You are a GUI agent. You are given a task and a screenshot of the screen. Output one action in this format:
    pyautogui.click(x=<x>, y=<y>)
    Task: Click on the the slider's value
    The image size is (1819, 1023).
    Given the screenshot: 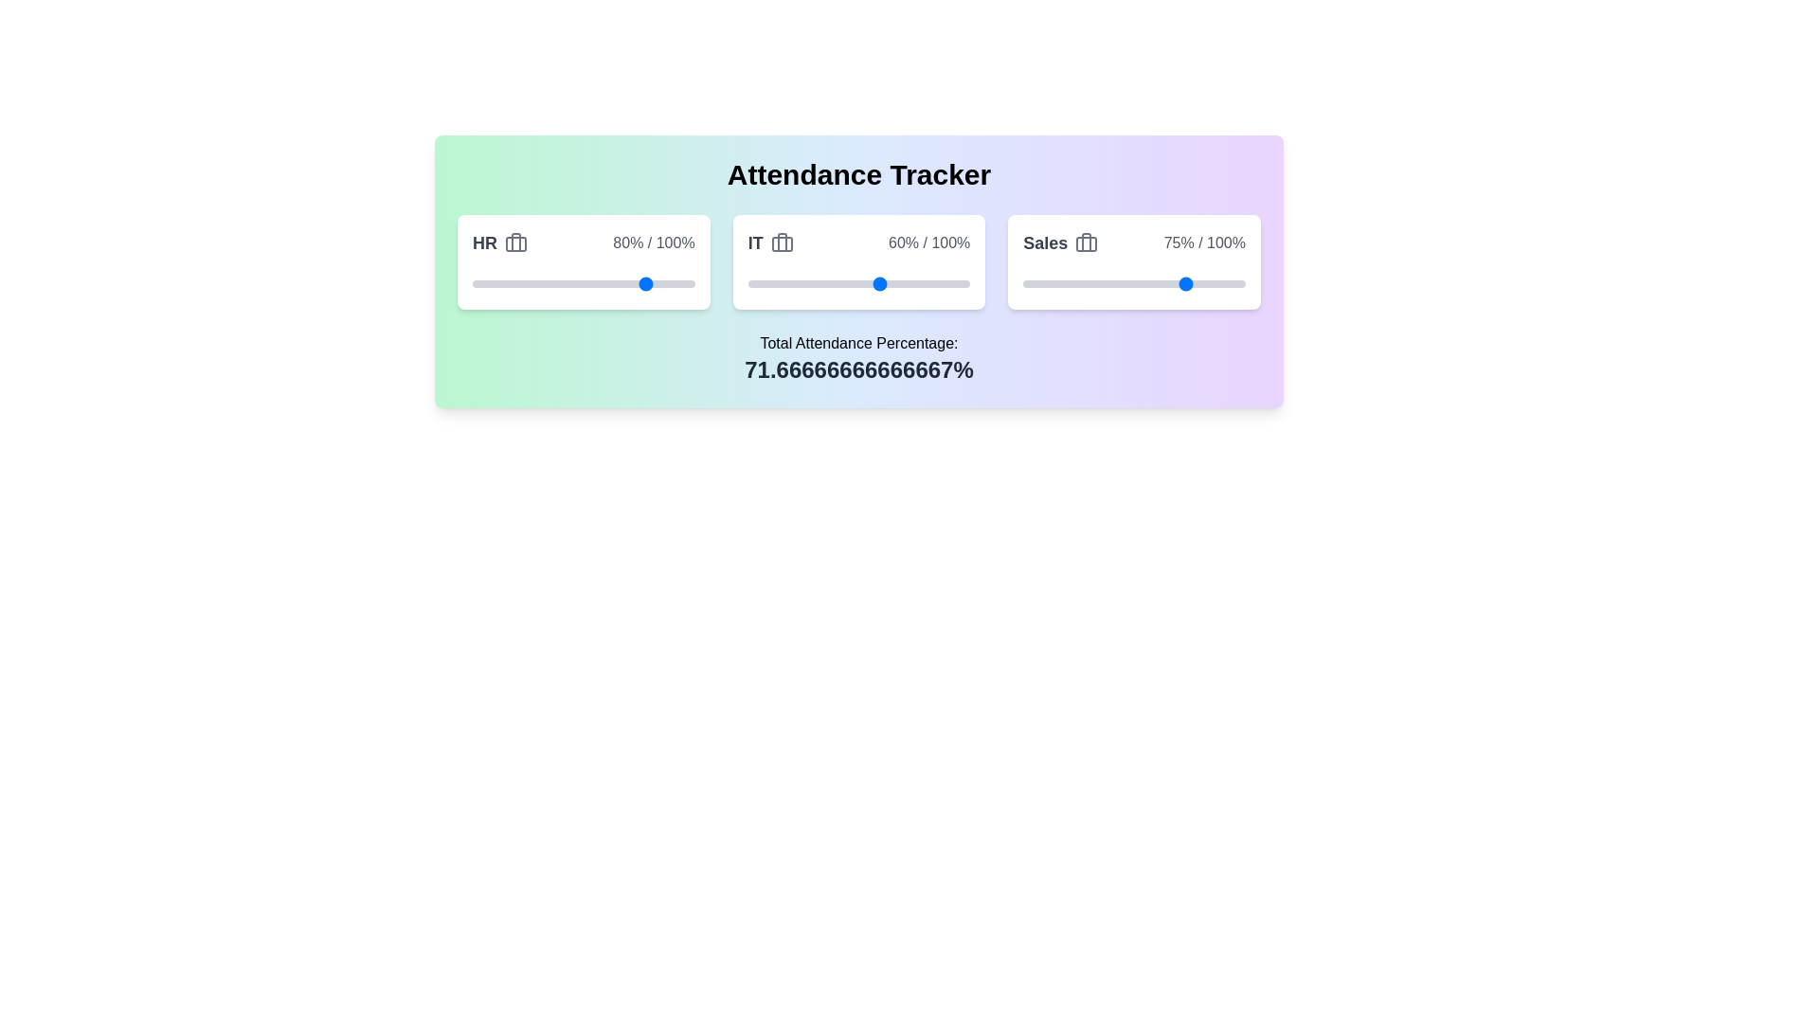 What is the action you would take?
    pyautogui.click(x=1096, y=284)
    